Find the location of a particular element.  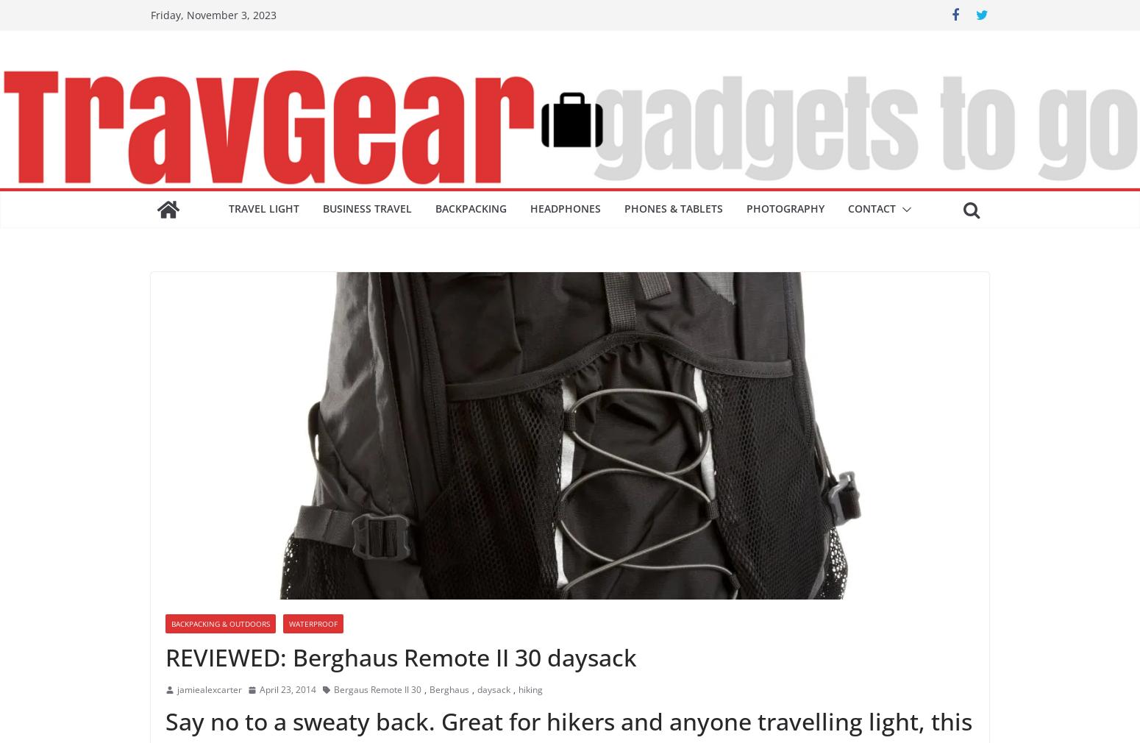

'Headphones' is located at coordinates (529, 208).